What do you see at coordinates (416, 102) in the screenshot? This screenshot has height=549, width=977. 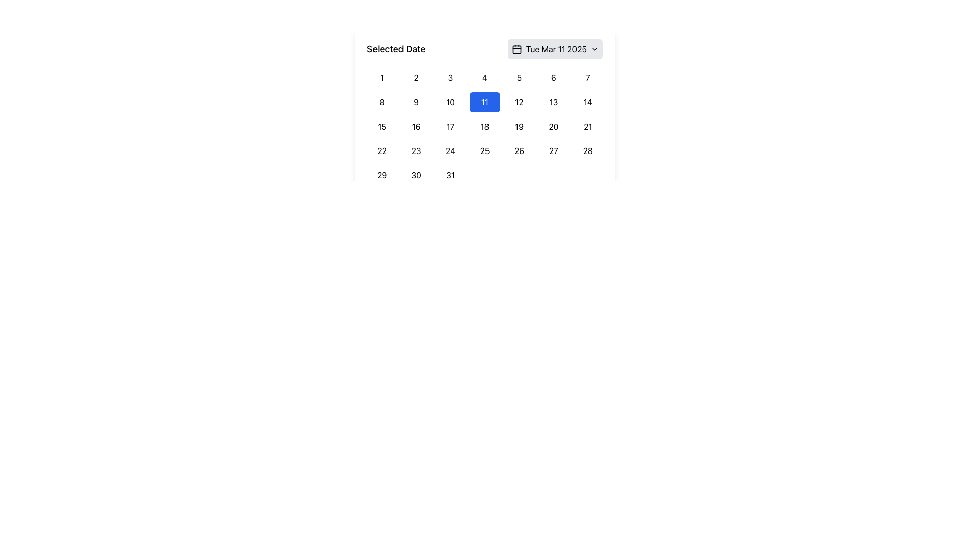 I see `the calendar item representing the 9th day` at bounding box center [416, 102].